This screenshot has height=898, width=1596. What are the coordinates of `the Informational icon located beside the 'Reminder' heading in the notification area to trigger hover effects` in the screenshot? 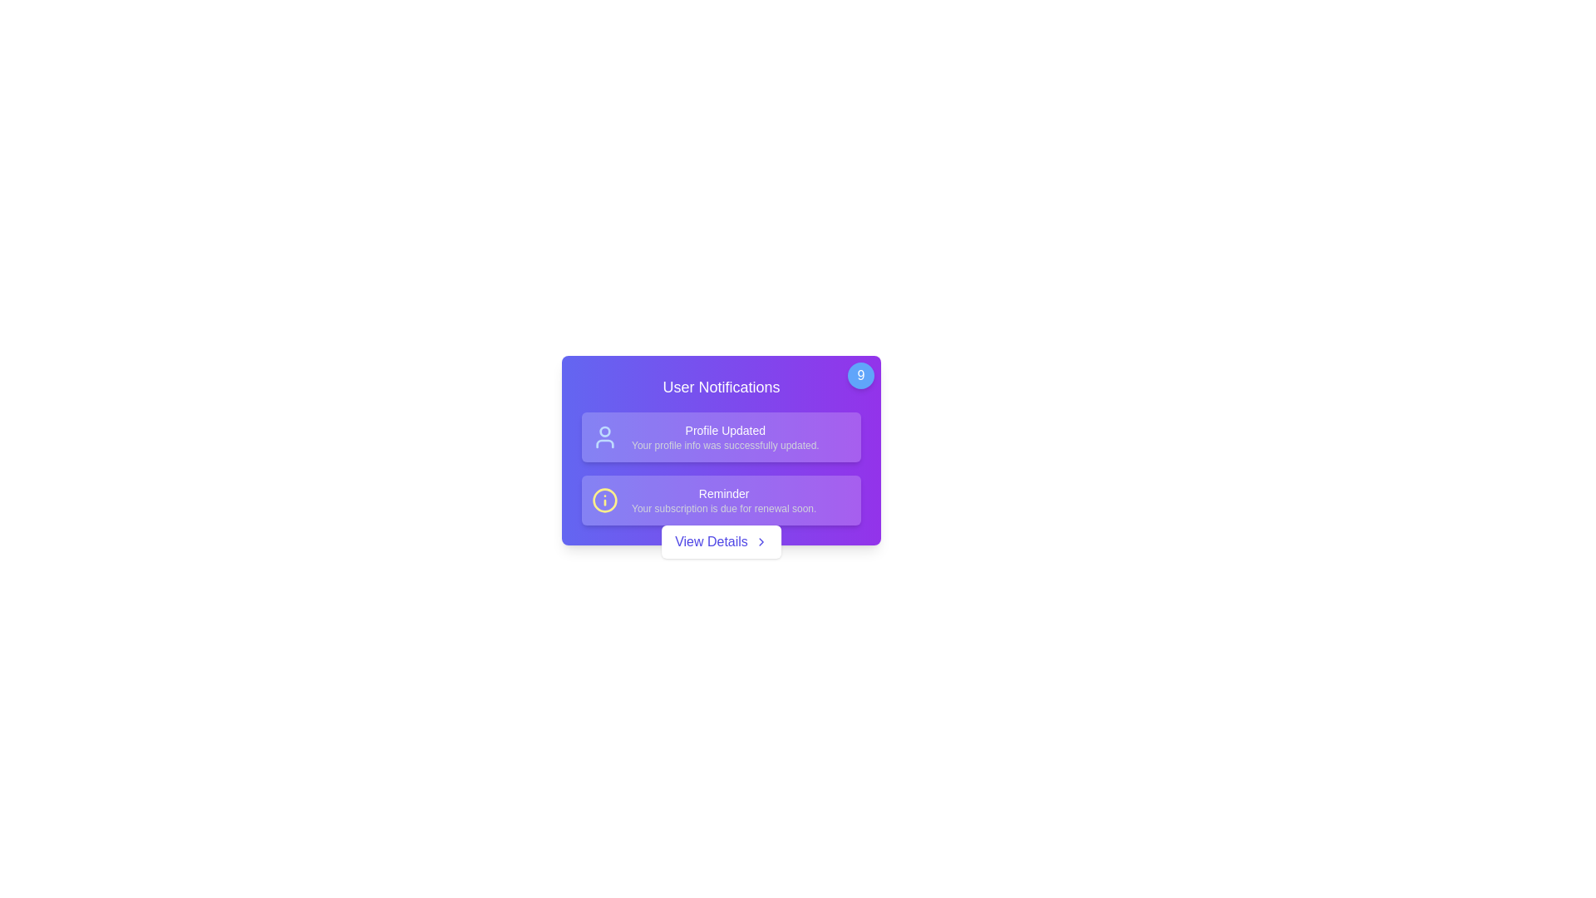 It's located at (604, 499).